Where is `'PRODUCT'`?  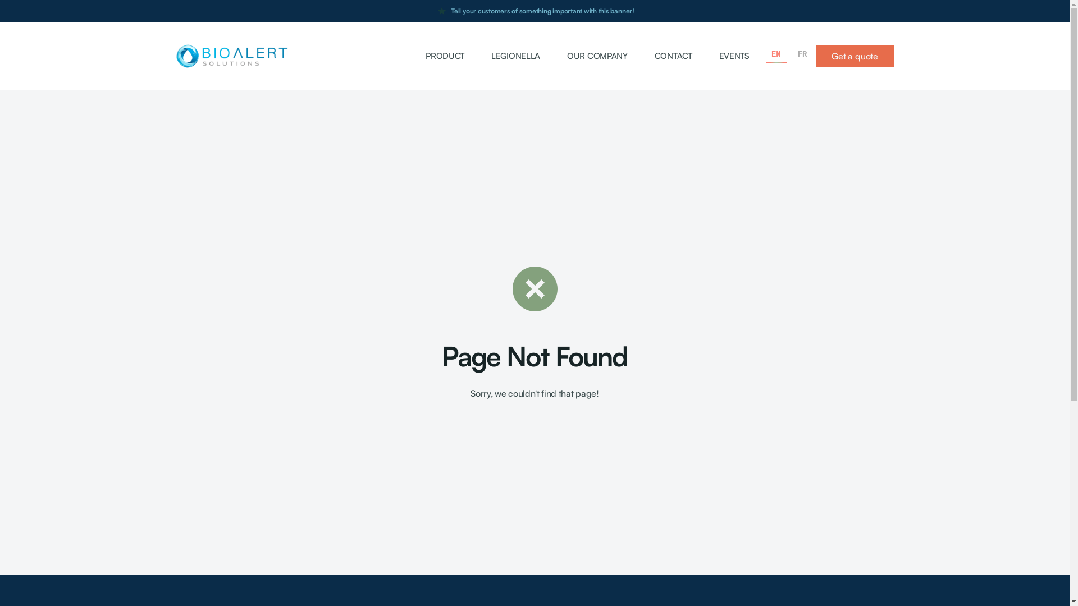 'PRODUCT' is located at coordinates (444, 56).